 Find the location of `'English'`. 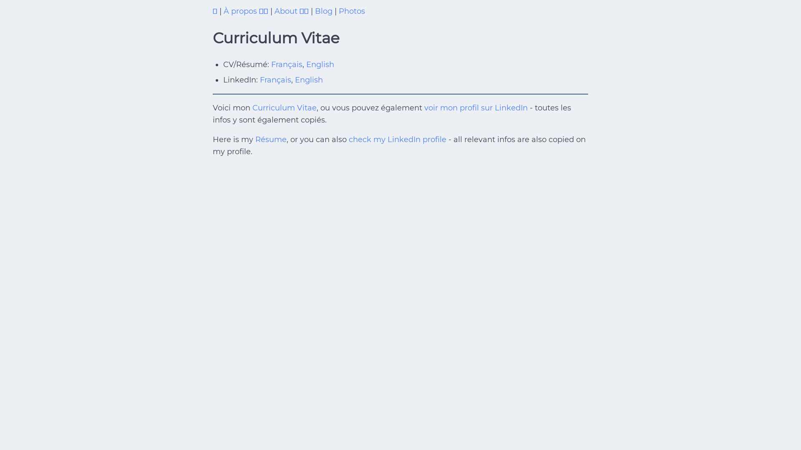

'English' is located at coordinates (308, 80).